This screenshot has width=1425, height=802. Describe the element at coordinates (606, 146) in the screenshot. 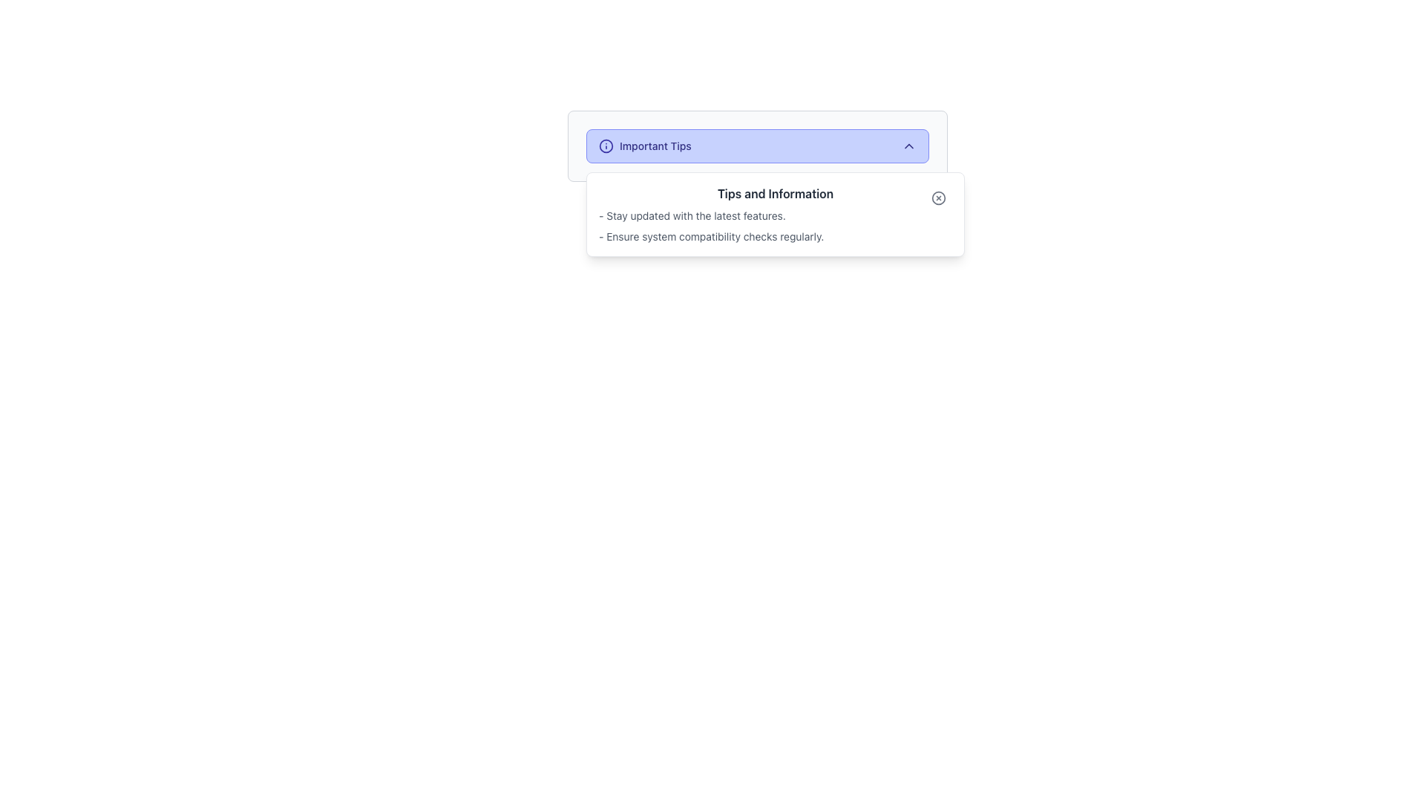

I see `circular vector graphic (SVG element) located in the center of the information icon to the left of the 'Important Tips' heading, which has a thin border and no fill` at that location.